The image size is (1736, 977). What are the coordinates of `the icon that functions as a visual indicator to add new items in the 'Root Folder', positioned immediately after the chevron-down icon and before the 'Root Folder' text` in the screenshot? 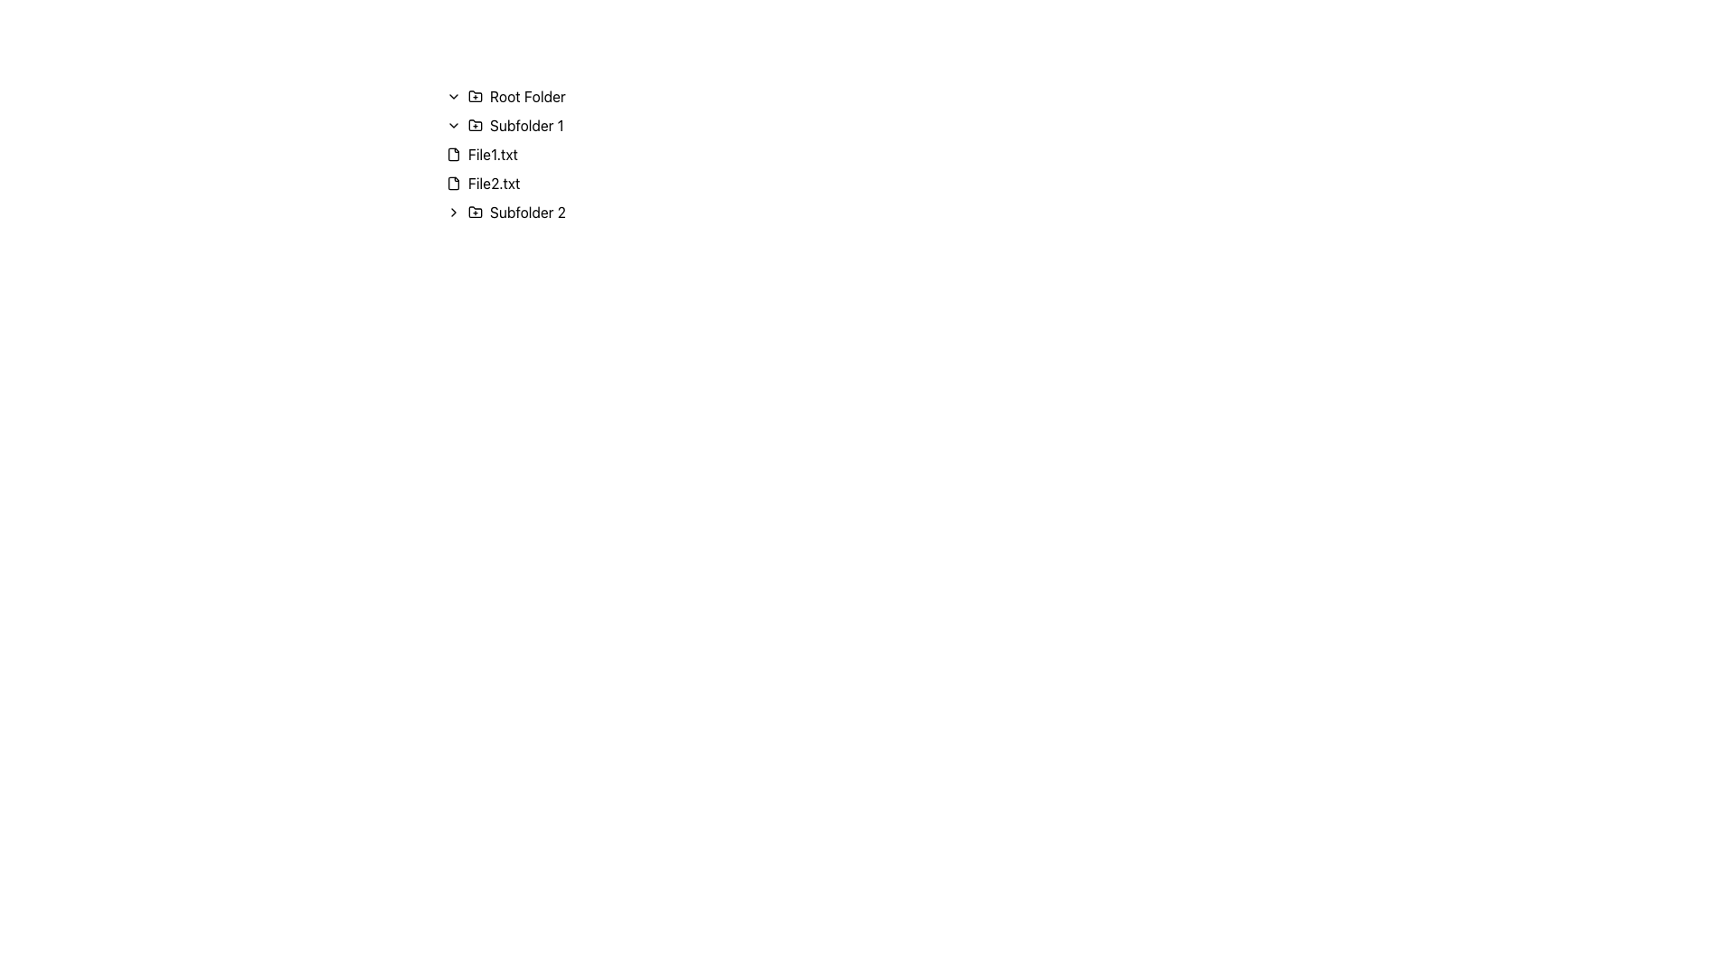 It's located at (476, 97).